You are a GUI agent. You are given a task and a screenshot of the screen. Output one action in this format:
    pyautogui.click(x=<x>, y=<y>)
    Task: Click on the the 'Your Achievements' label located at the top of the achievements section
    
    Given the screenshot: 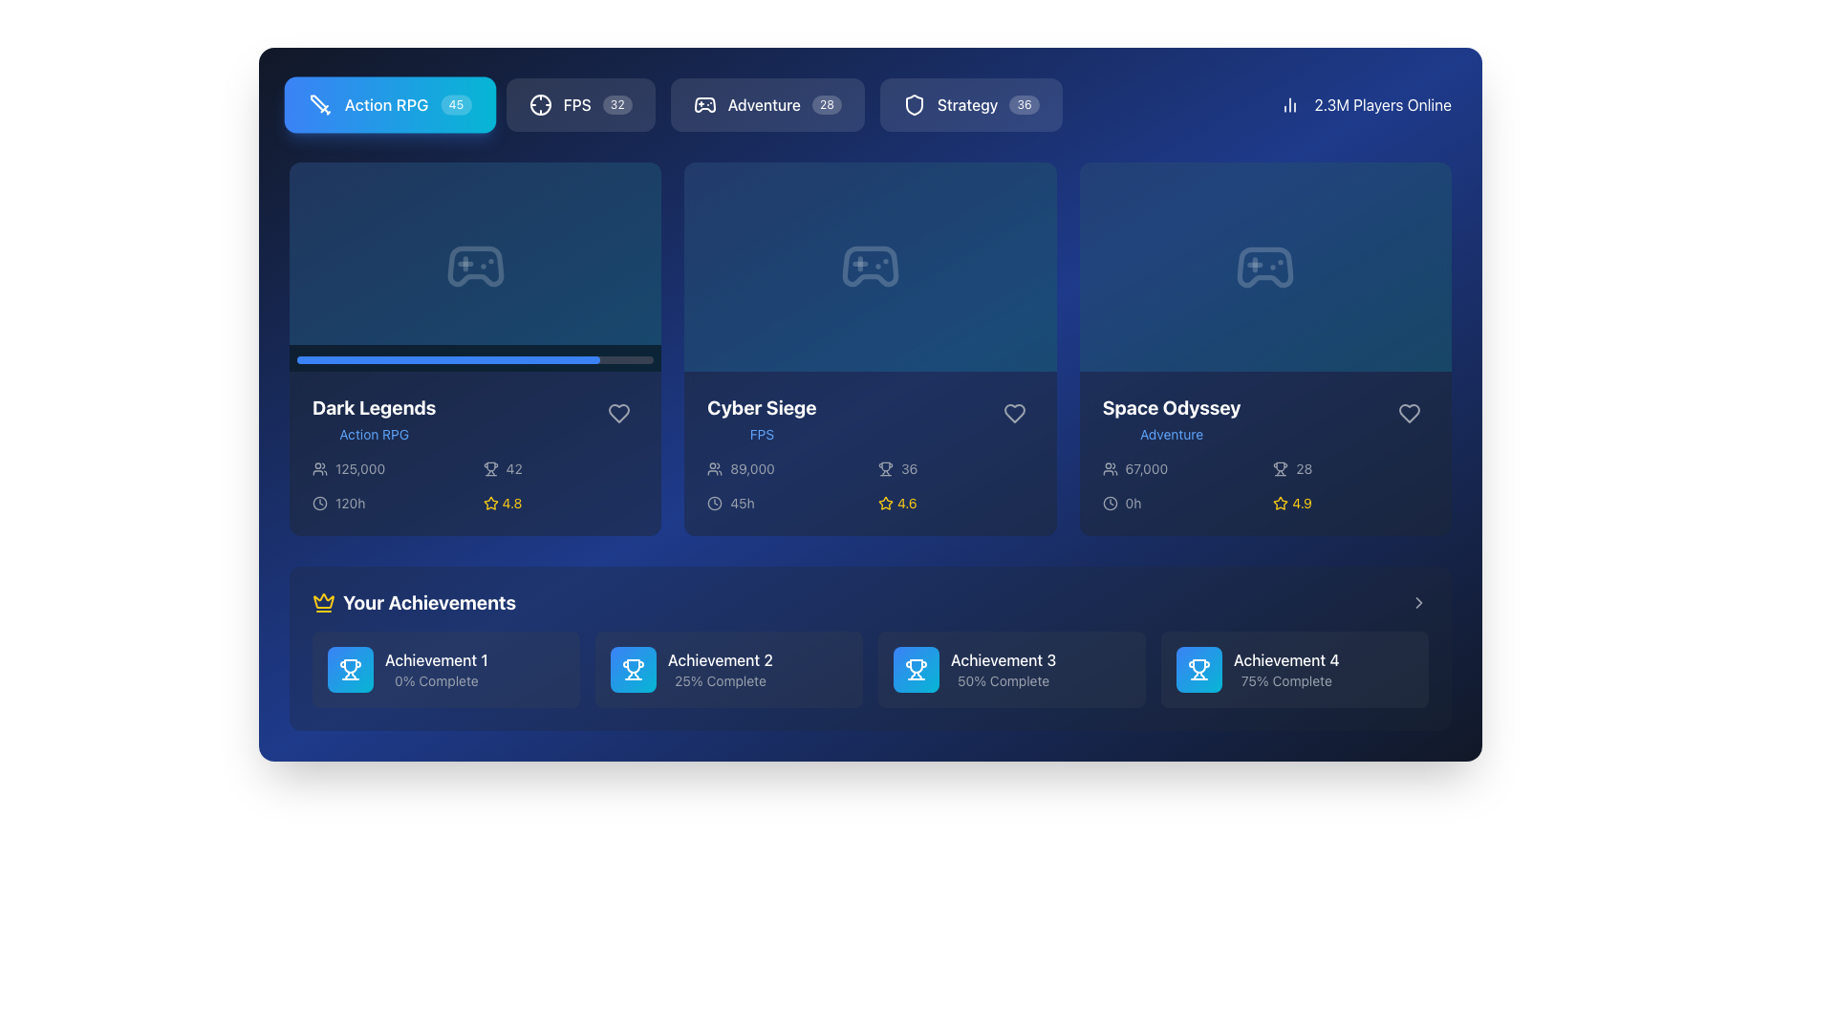 What is the action you would take?
    pyautogui.click(x=428, y=603)
    